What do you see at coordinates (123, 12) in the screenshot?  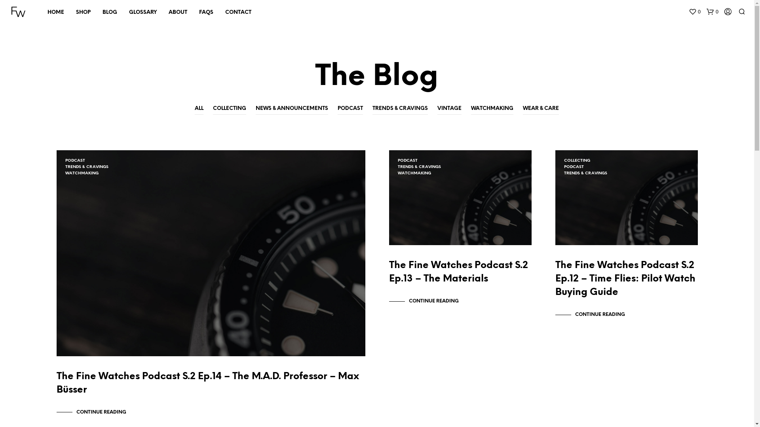 I see `'GLOSSARY'` at bounding box center [123, 12].